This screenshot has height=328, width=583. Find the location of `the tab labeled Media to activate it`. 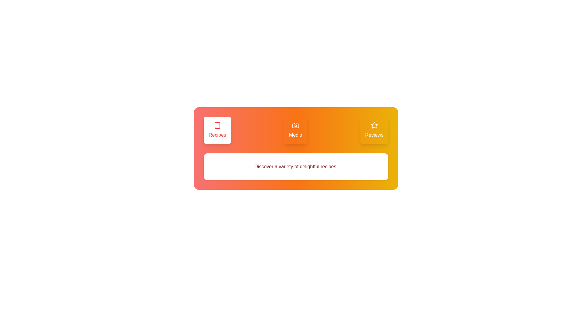

the tab labeled Media to activate it is located at coordinates (295, 130).